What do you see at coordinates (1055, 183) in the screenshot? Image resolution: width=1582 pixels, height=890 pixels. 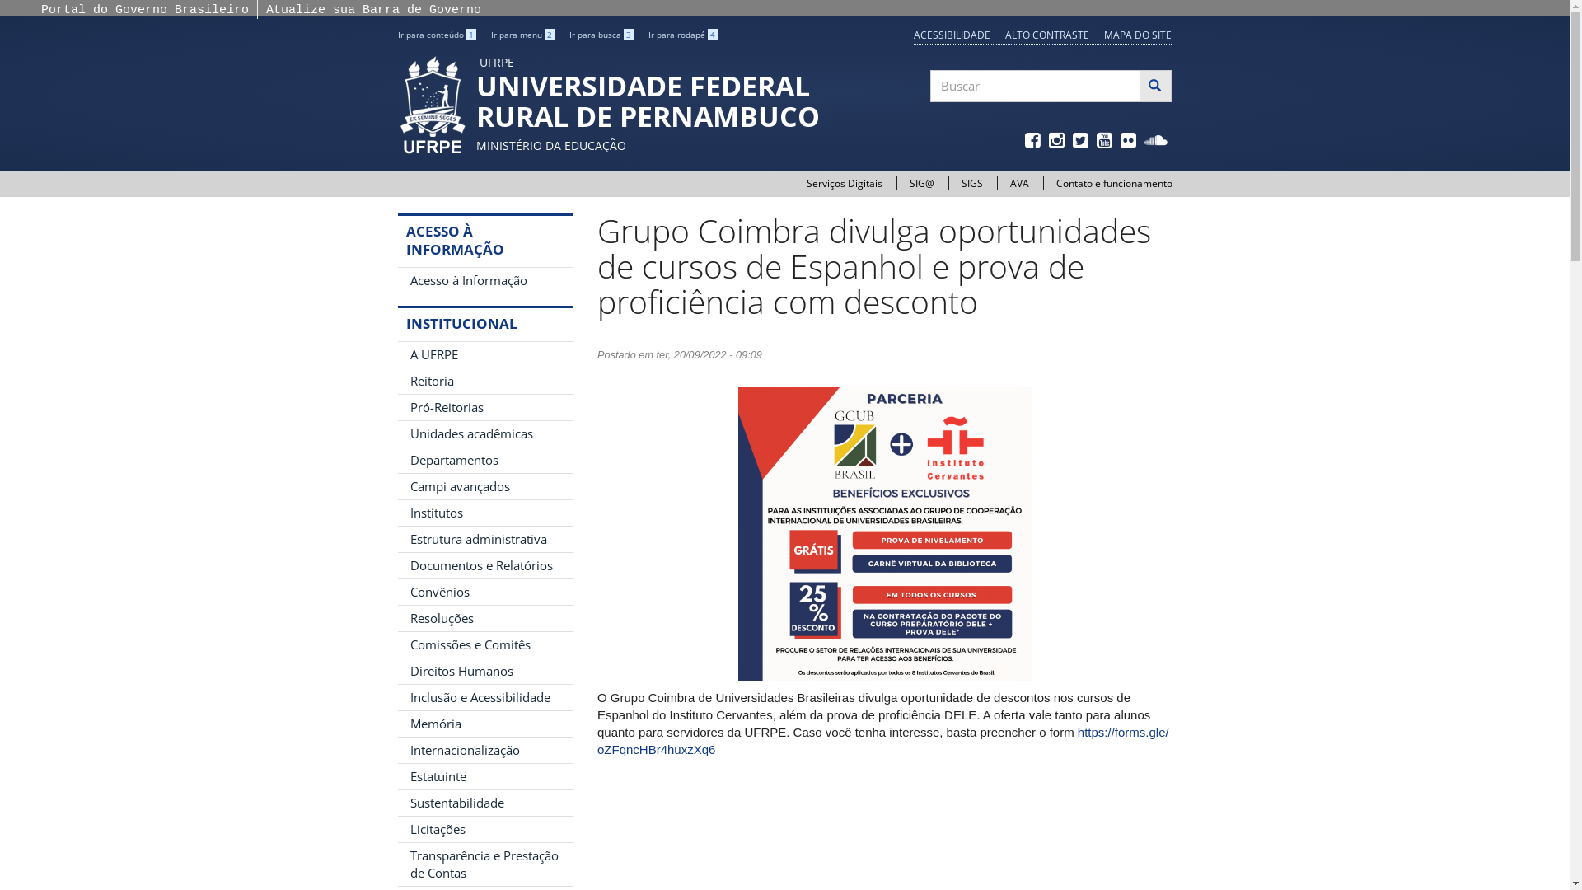 I see `'Contato e funcionamento'` at bounding box center [1055, 183].